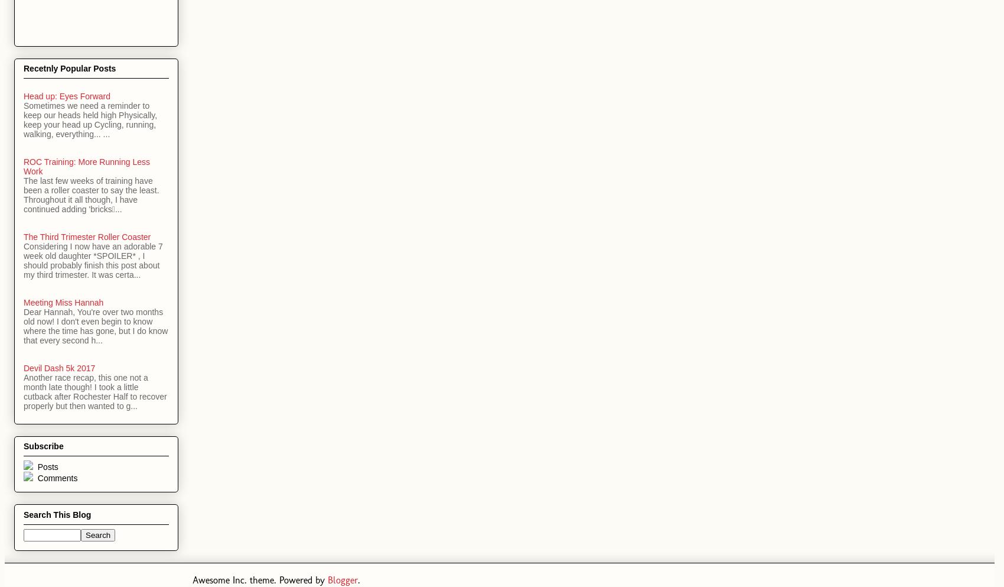 Image resolution: width=1004 pixels, height=587 pixels. I want to click on 'The last few weeks of training have been a roller coaster to say the least. Throughout it all though, I have continued adding 'bricks...', so click(23, 194).